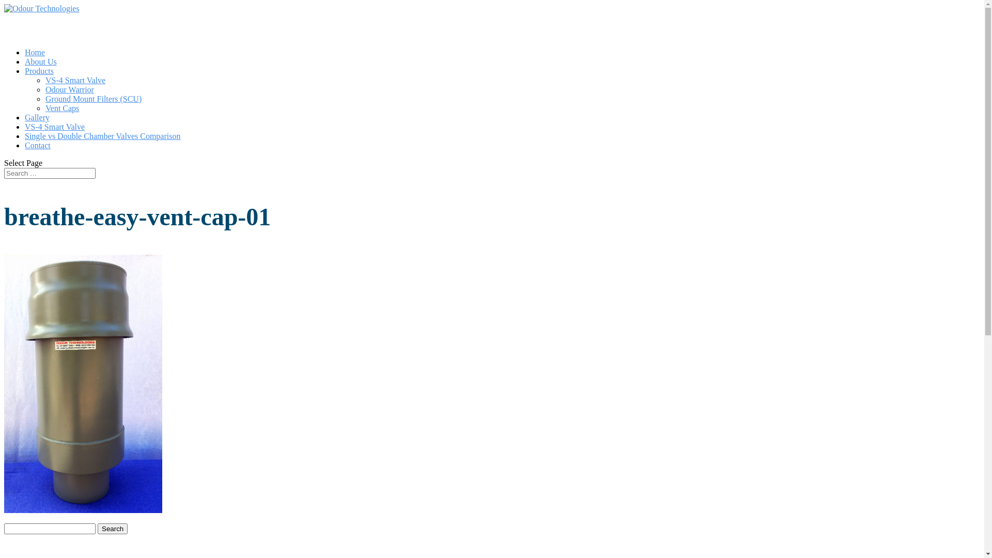 This screenshot has width=992, height=558. Describe the element at coordinates (25, 66) in the screenshot. I see `'Home'` at that location.